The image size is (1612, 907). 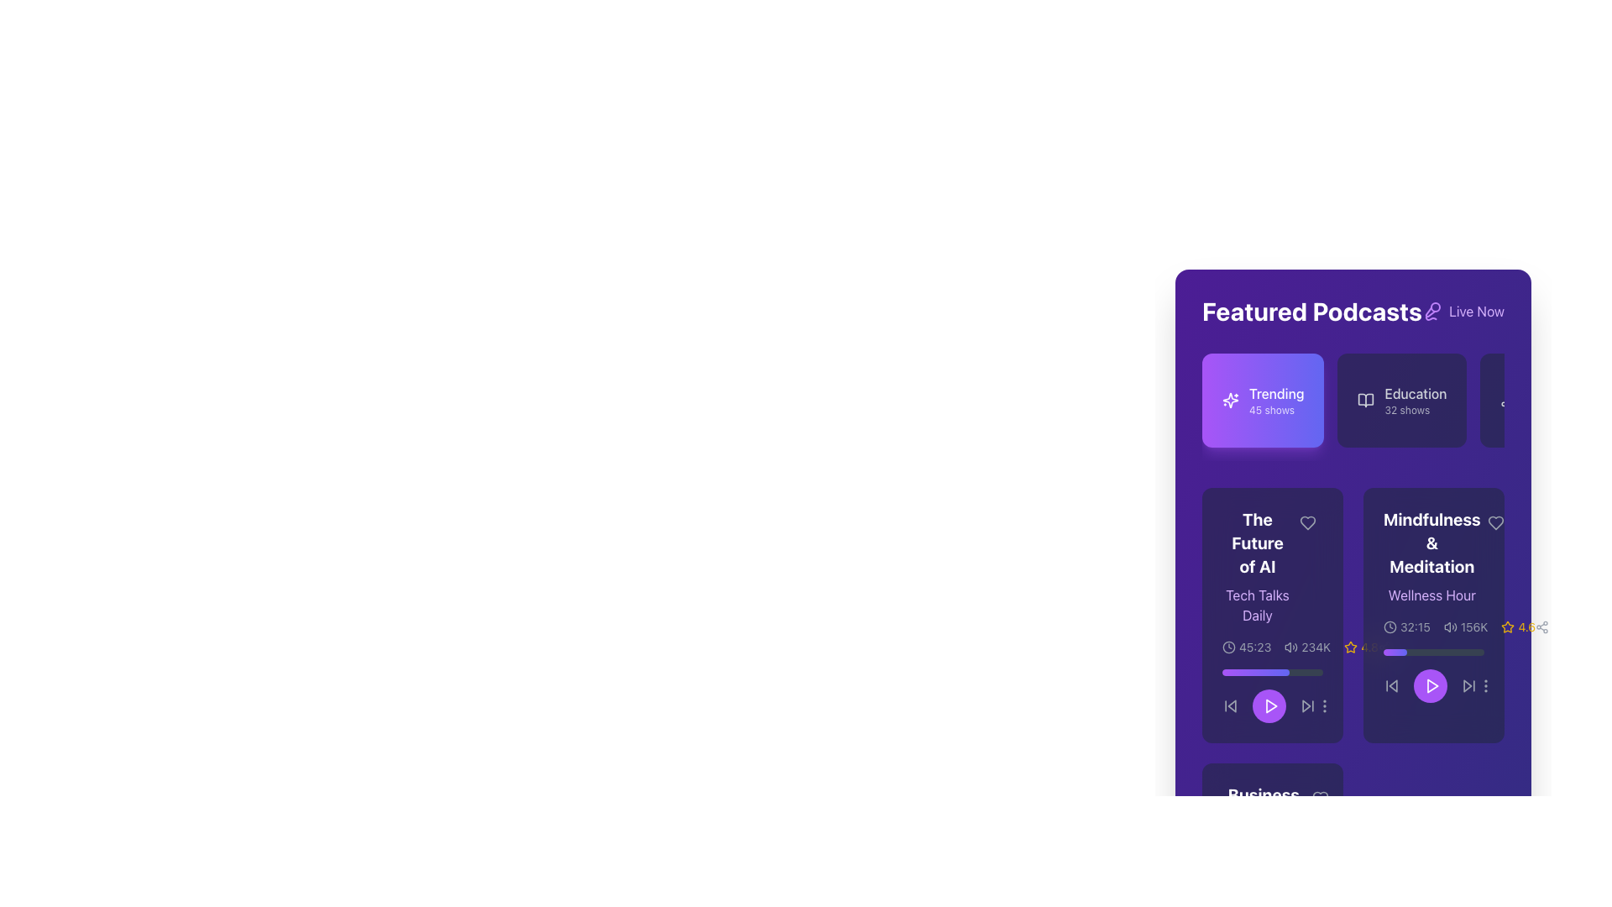 What do you see at coordinates (1391, 686) in the screenshot?
I see `the first control button of the 'Mindfulness & Meditation' podcast to change its color` at bounding box center [1391, 686].